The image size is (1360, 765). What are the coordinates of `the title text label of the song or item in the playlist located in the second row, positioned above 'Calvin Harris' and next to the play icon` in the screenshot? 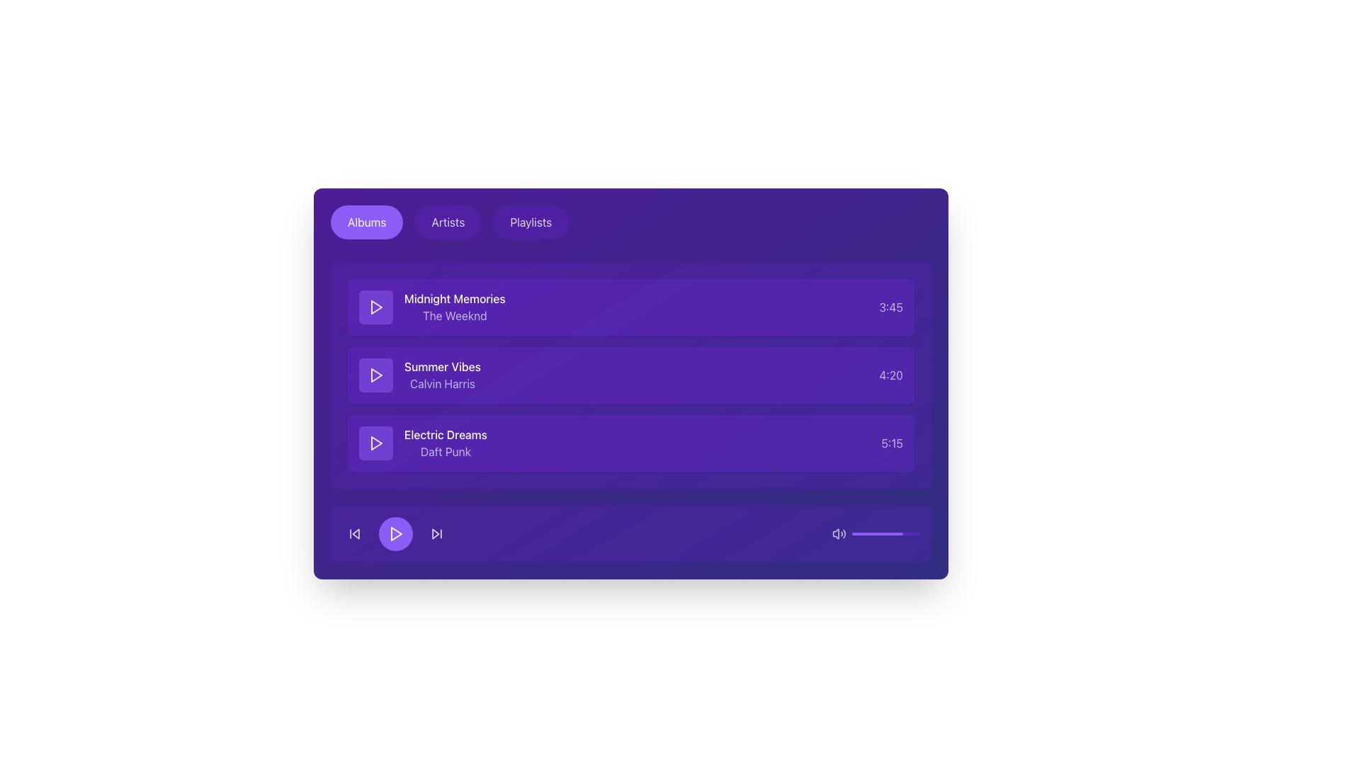 It's located at (441, 365).